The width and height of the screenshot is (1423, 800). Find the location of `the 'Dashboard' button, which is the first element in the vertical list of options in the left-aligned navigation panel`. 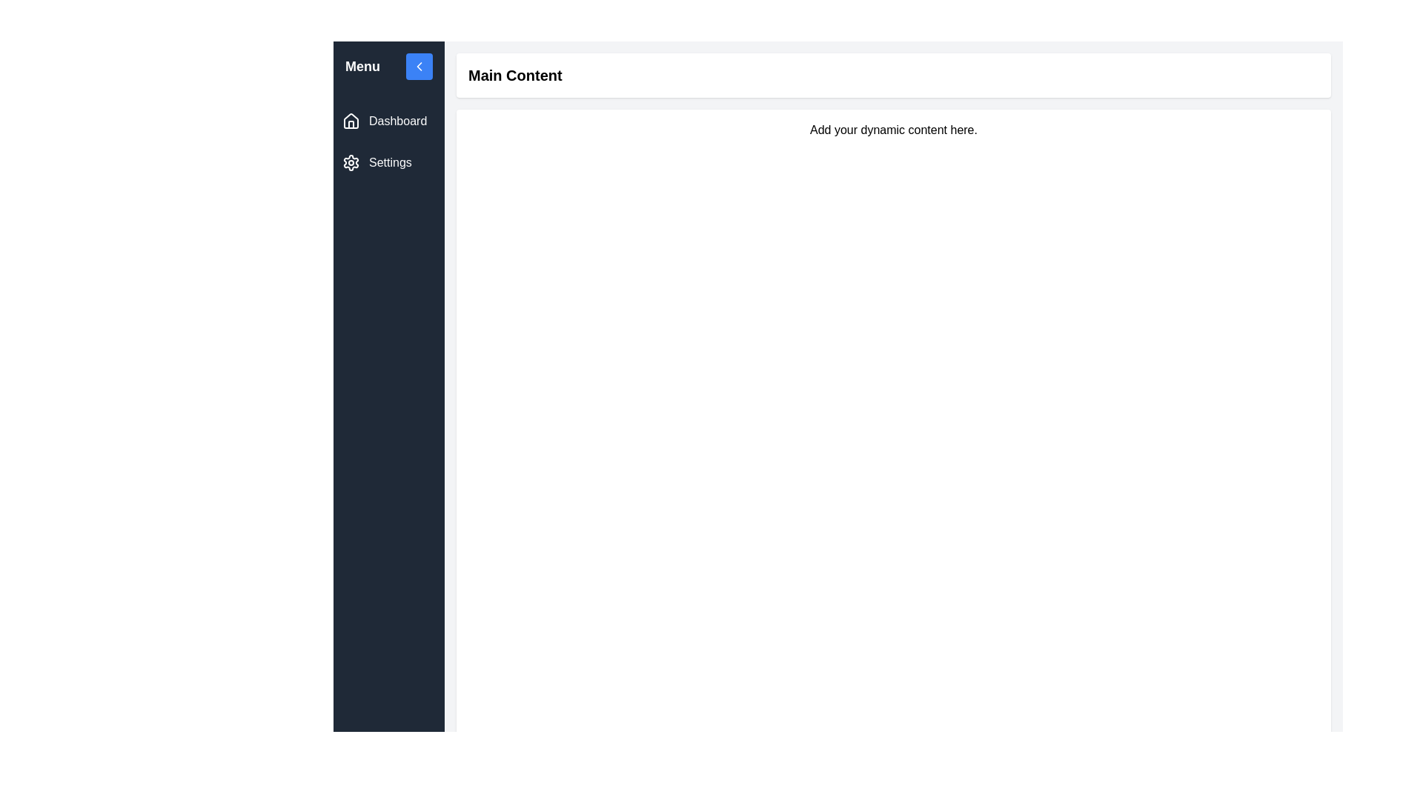

the 'Dashboard' button, which is the first element in the vertical list of options in the left-aligned navigation panel is located at coordinates (388, 121).